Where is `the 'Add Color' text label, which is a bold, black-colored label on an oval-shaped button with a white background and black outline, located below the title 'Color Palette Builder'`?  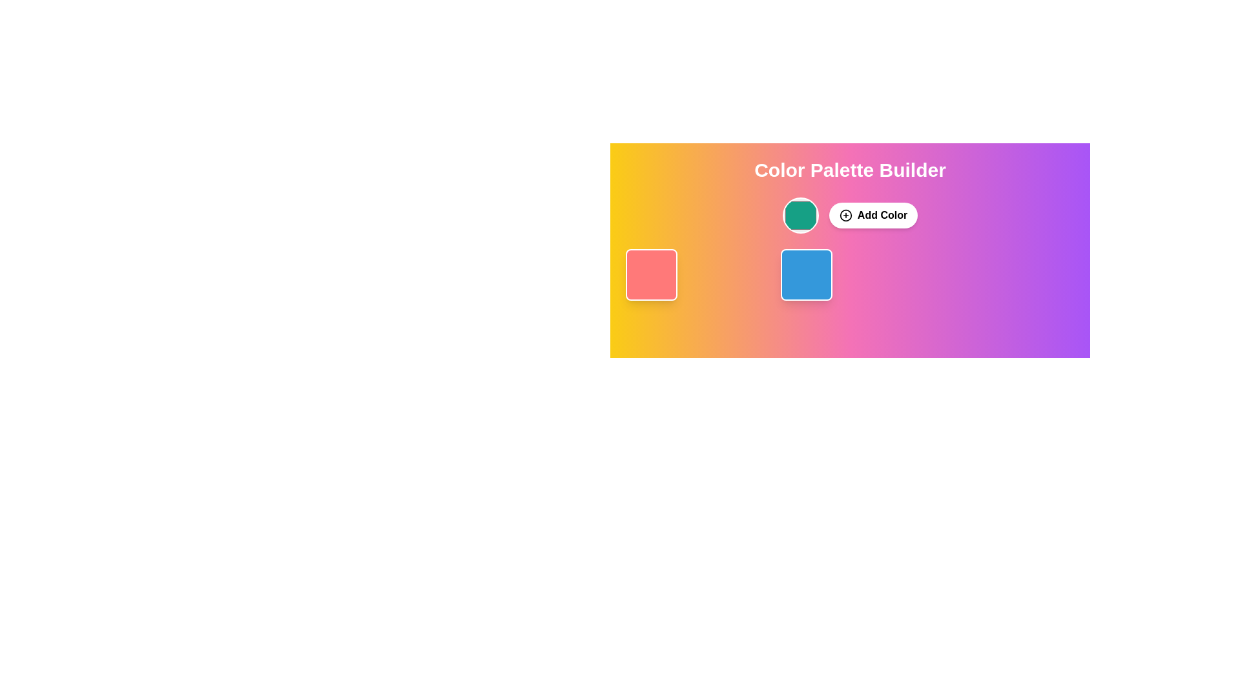
the 'Add Color' text label, which is a bold, black-colored label on an oval-shaped button with a white background and black outline, located below the title 'Color Palette Builder' is located at coordinates (882, 215).